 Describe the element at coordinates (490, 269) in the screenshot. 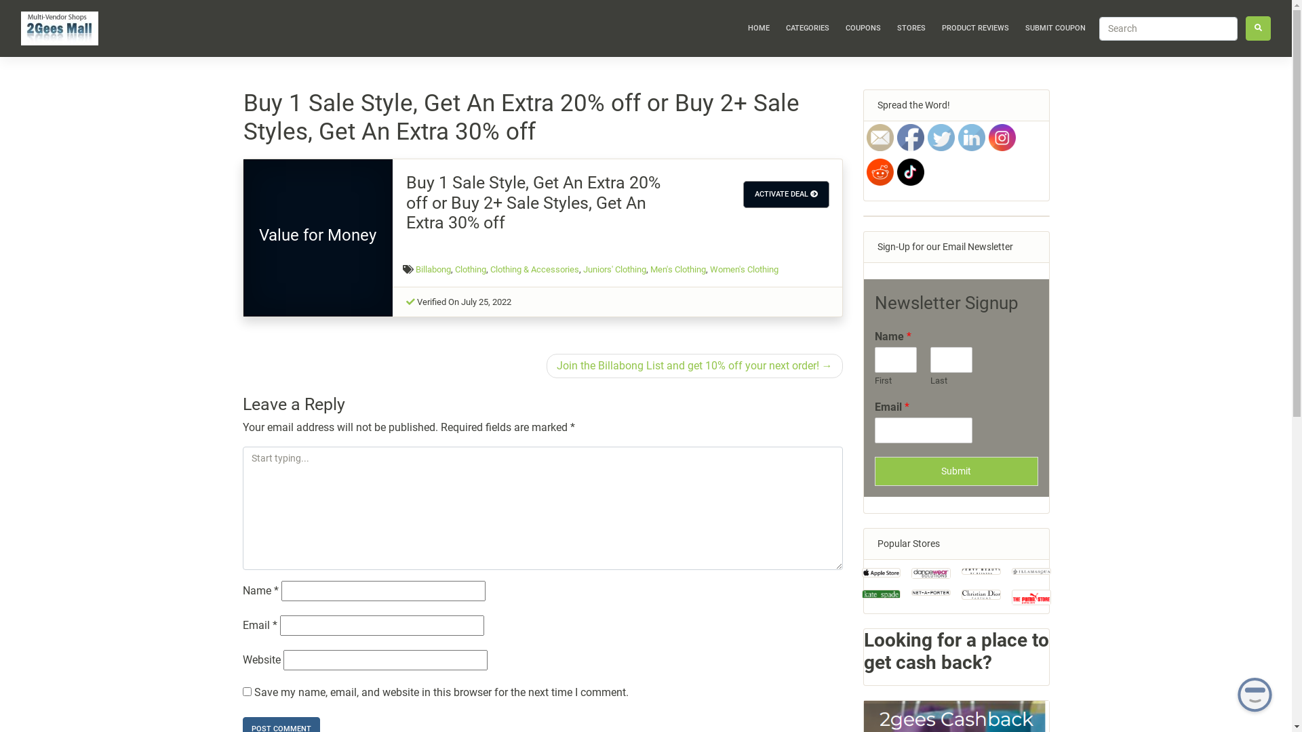

I see `'Clothing & Accessories'` at that location.